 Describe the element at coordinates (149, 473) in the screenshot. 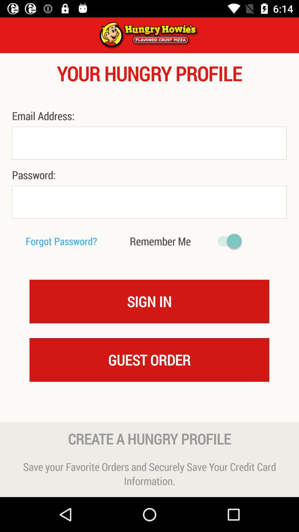

I see `the icon below create a hungry` at that location.